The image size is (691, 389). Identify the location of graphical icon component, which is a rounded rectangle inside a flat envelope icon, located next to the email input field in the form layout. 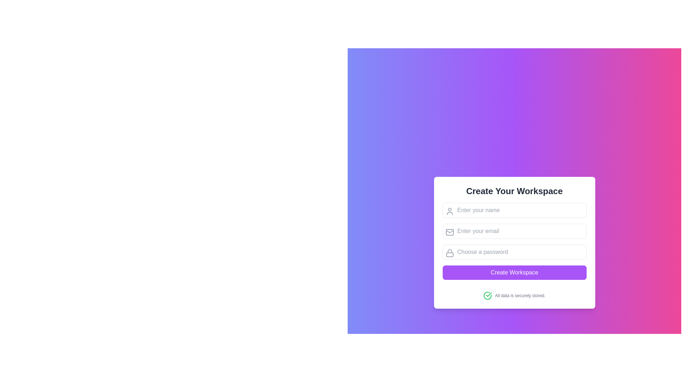
(449, 232).